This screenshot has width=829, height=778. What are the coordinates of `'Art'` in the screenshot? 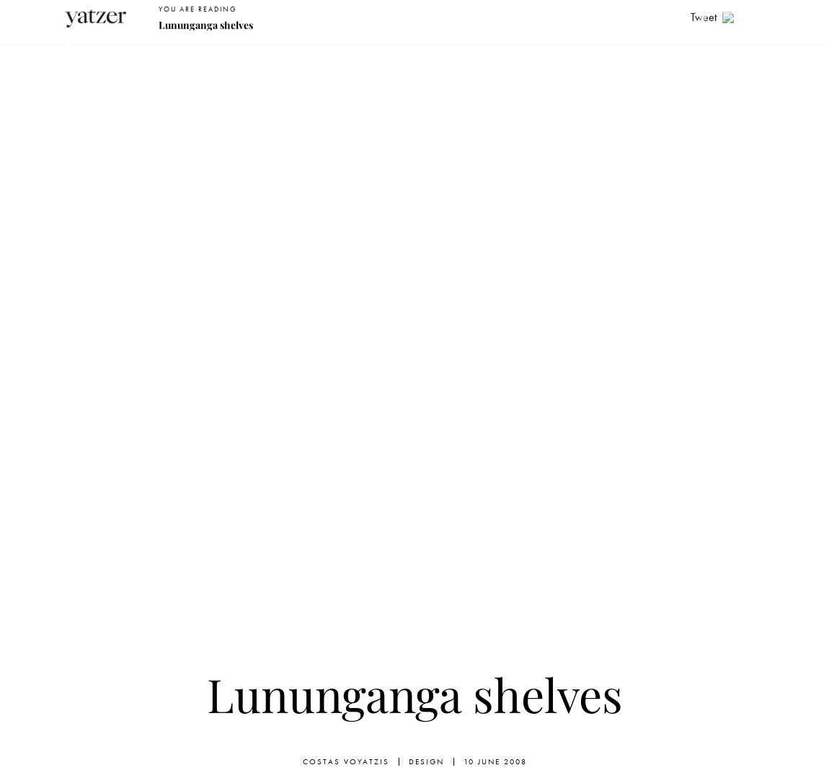 It's located at (368, 53).